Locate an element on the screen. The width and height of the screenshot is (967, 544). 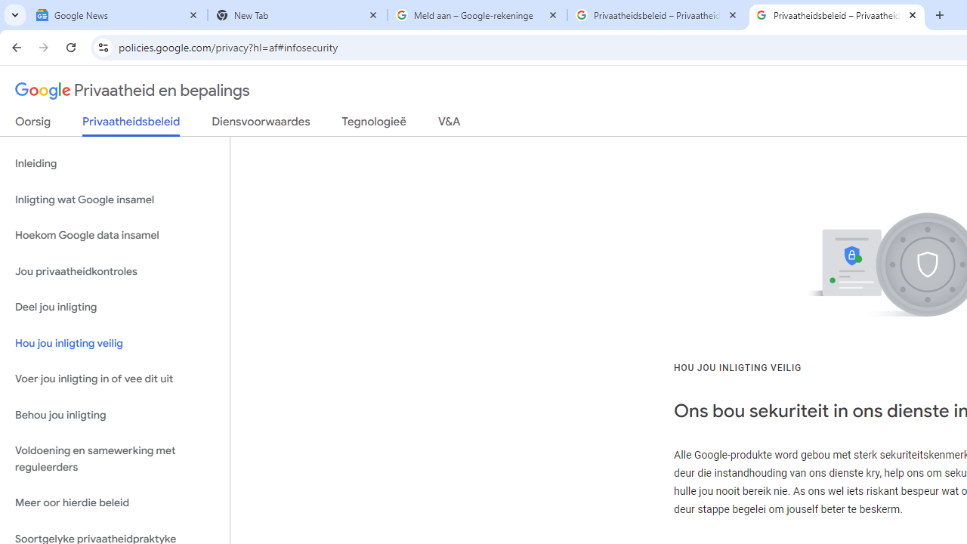
'Behou jou inligting' is located at coordinates (114, 415).